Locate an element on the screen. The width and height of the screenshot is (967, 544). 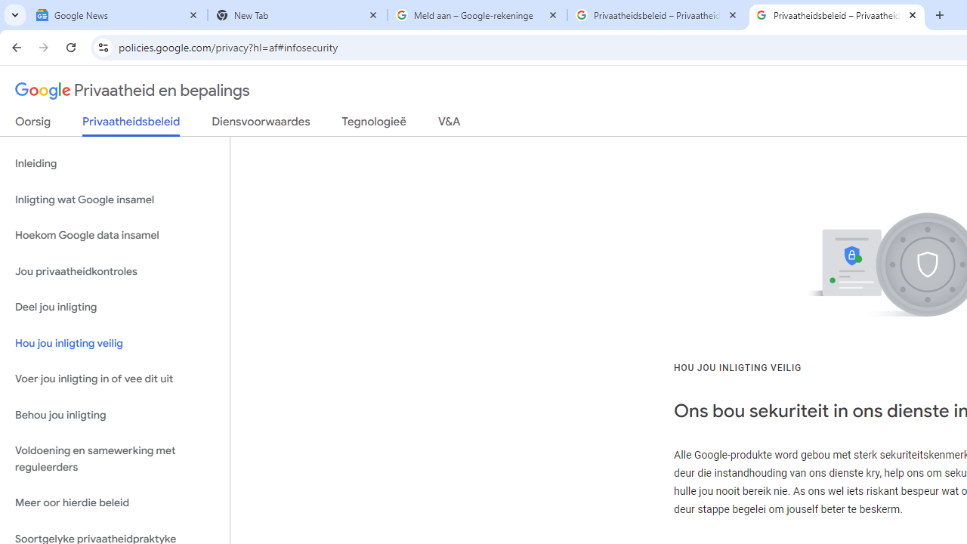
'Behou jou inligting' is located at coordinates (114, 415).